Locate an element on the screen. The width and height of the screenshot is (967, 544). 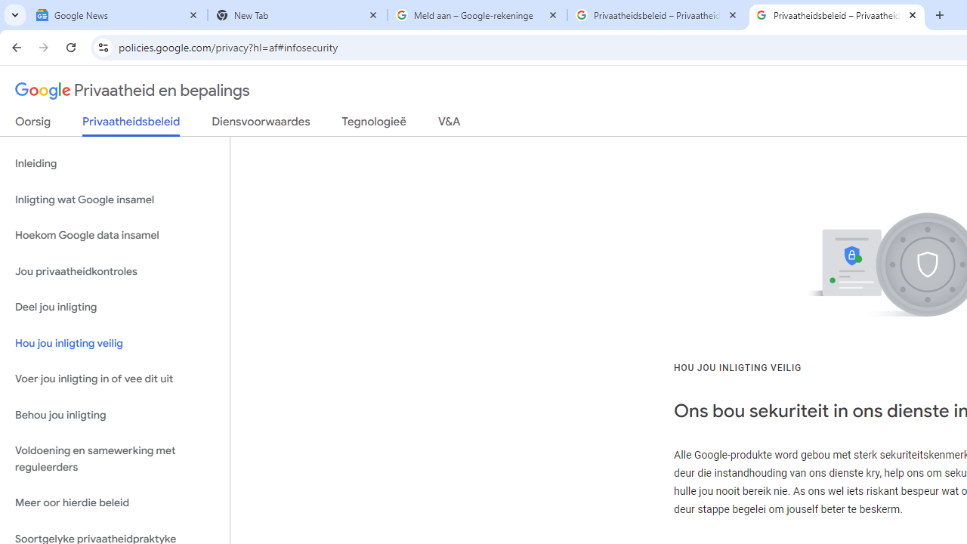
'Behou jou inligting' is located at coordinates (114, 415).